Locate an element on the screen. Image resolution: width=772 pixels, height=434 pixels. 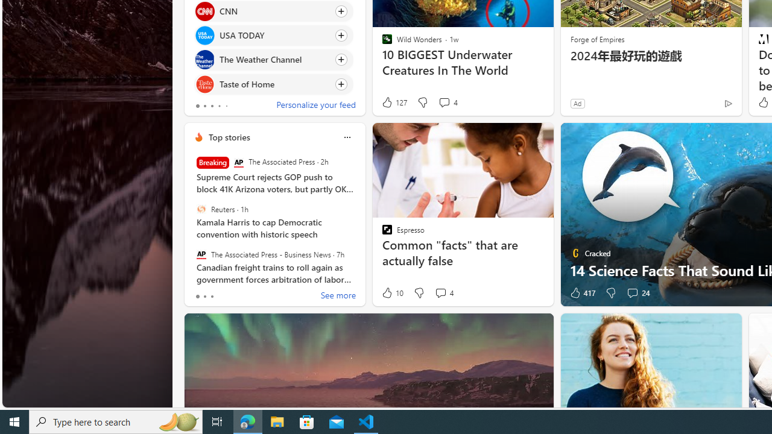
'tab-2' is located at coordinates (212, 297).